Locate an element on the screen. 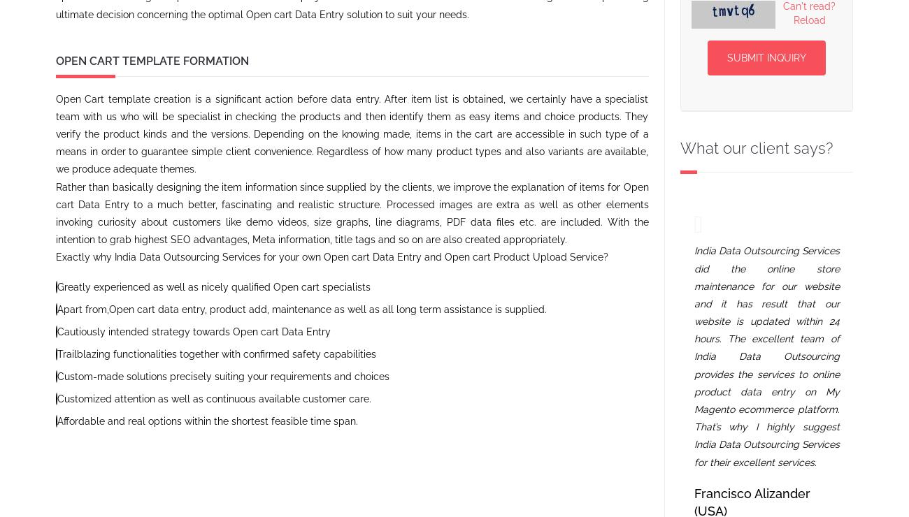 The image size is (909, 517). 'Affordable and real options within the shortest feasible time span.' is located at coordinates (57, 421).